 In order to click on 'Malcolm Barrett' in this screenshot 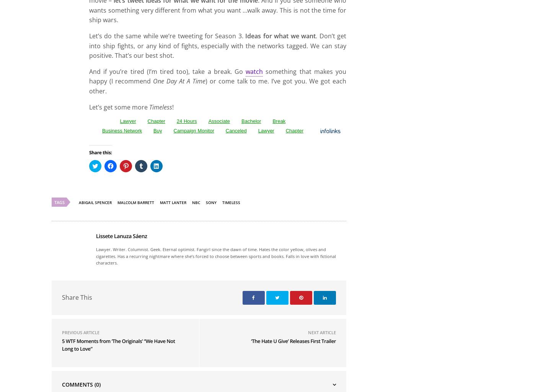, I will do `click(135, 292)`.